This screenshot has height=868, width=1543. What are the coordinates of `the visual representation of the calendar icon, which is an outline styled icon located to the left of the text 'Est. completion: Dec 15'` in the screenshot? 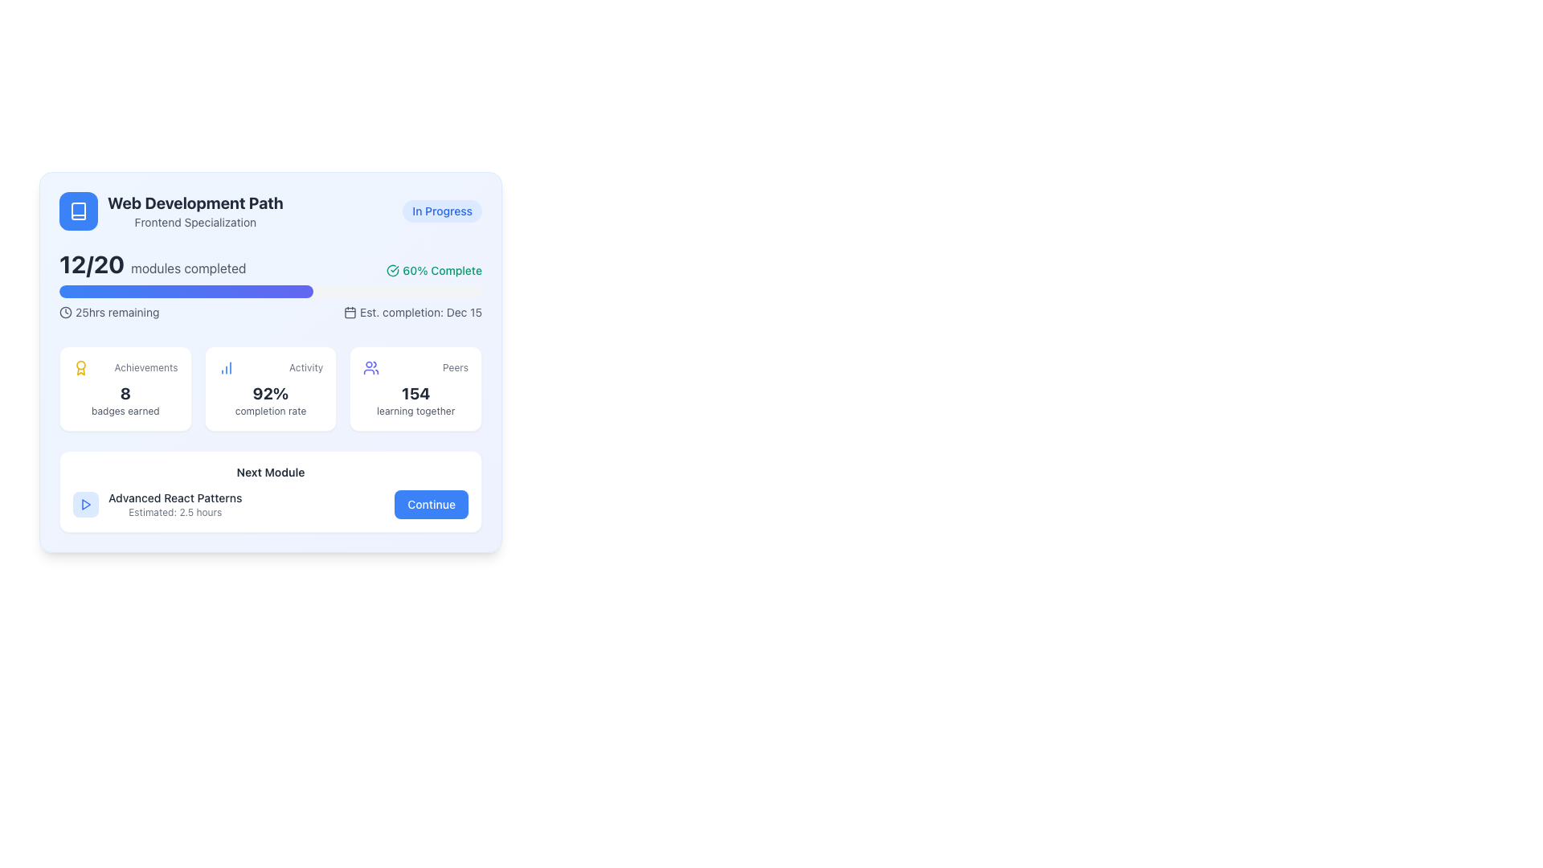 It's located at (350, 313).